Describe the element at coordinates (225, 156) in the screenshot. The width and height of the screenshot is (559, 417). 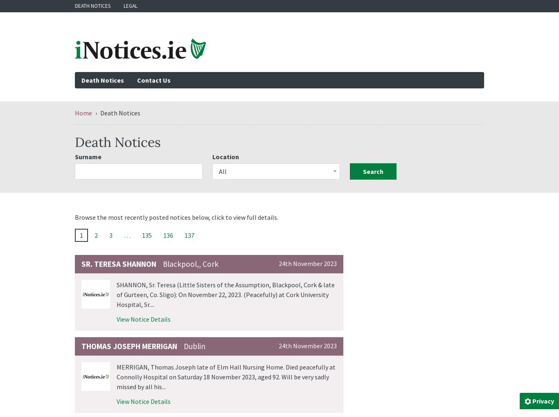
I see `'Location'` at that location.